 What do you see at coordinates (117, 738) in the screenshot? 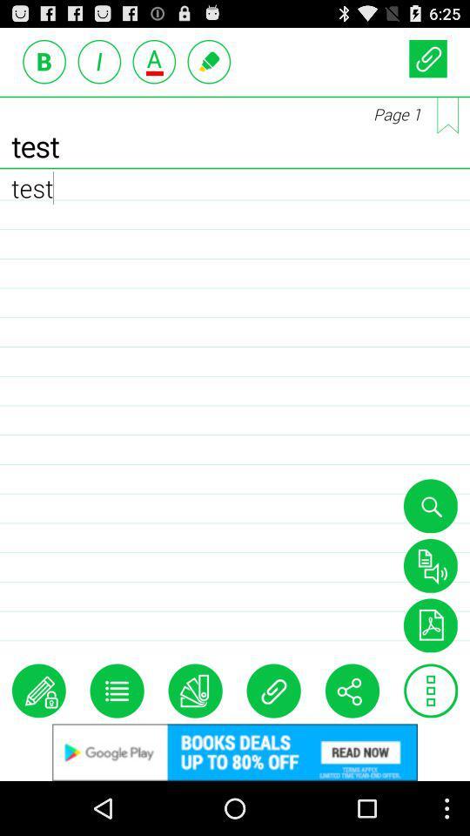
I see `the list icon` at bounding box center [117, 738].